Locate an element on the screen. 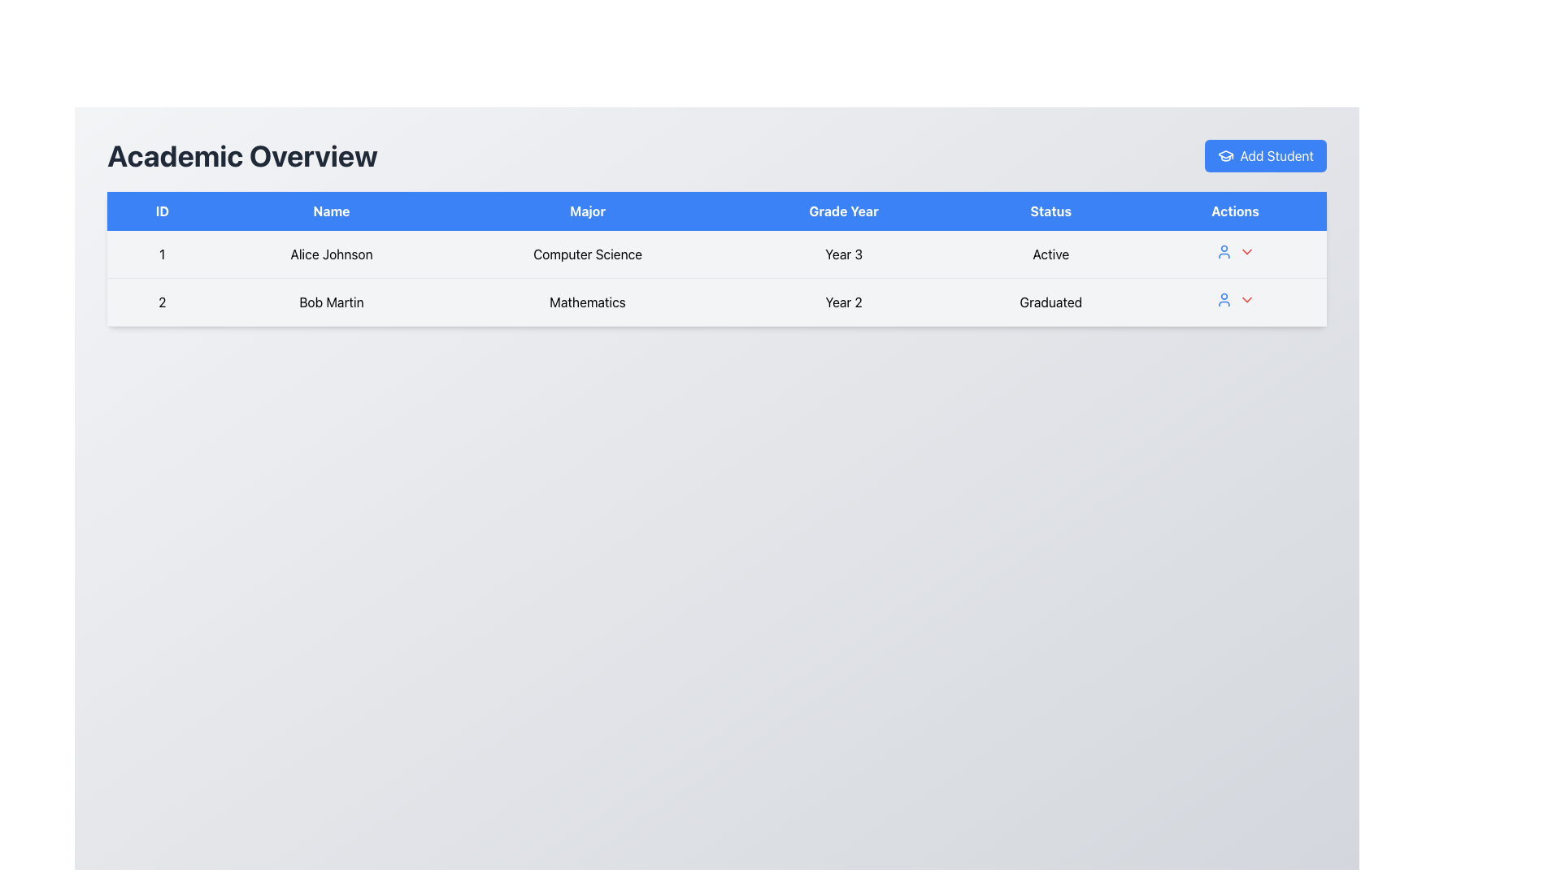 This screenshot has width=1561, height=878. the Table Header Cell labeled 'Actions' located in the blue-colored table header row, which is the last cell in the header row adjacent to the 'Status' column is located at coordinates (1235, 210).